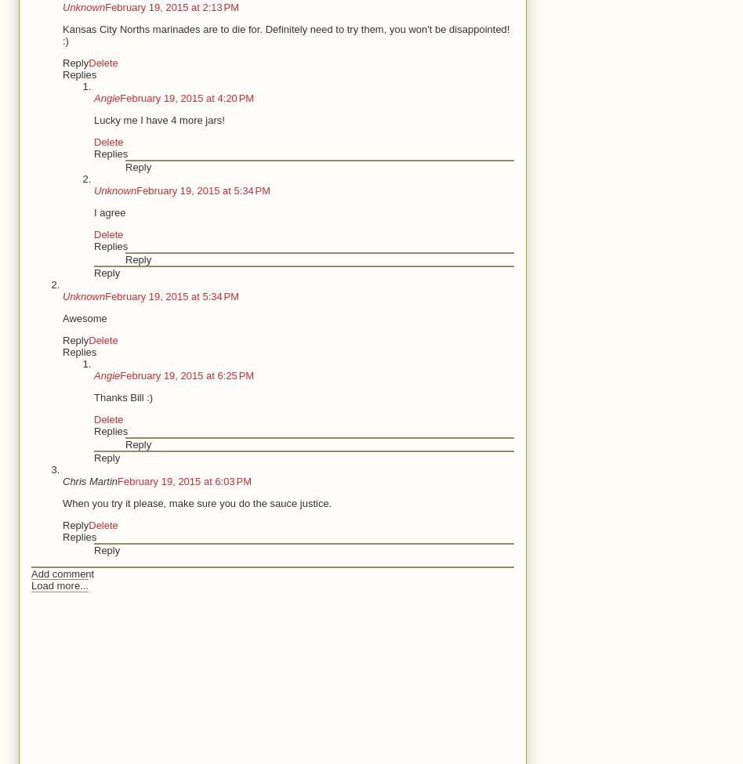 Image resolution: width=743 pixels, height=764 pixels. I want to click on 'Add comment', so click(63, 573).